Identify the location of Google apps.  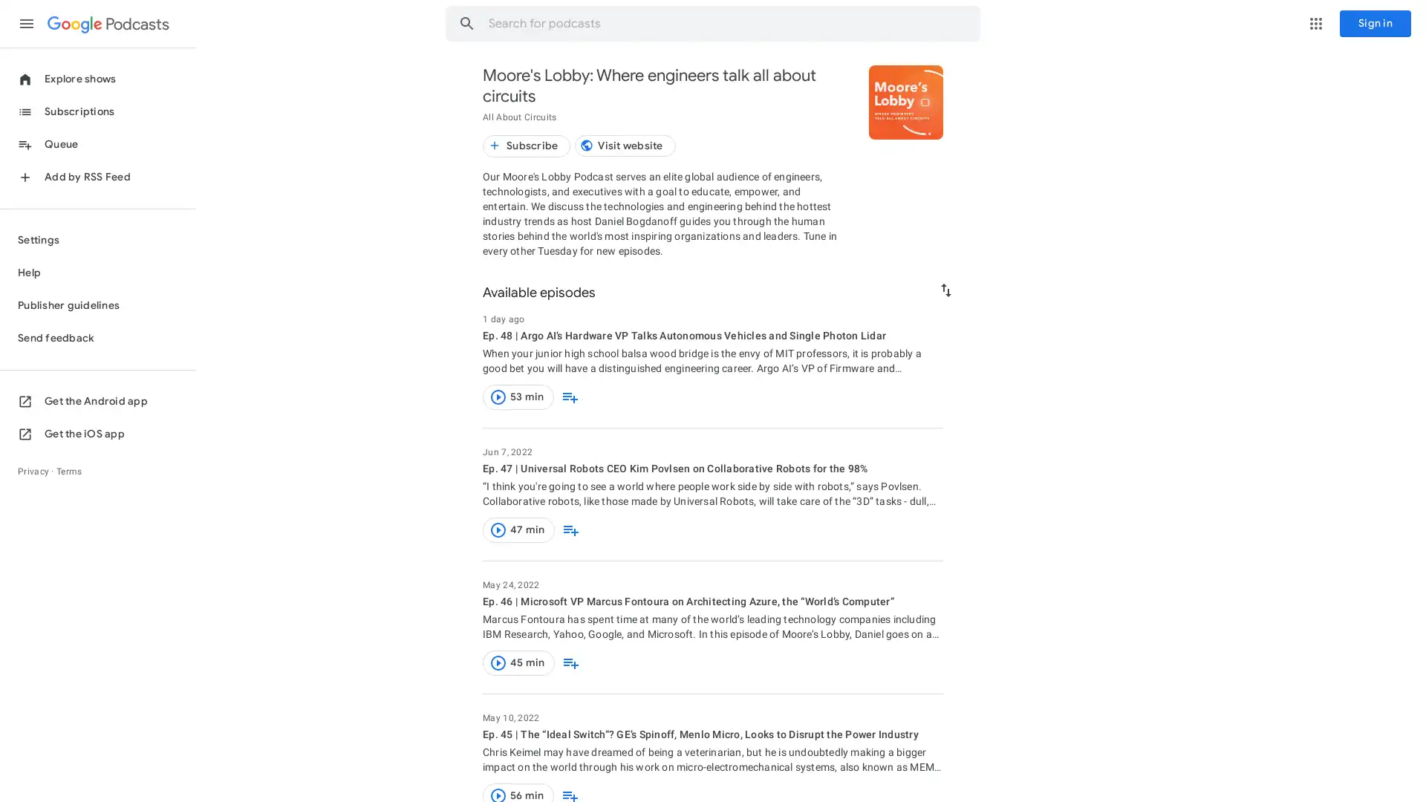
(1315, 23).